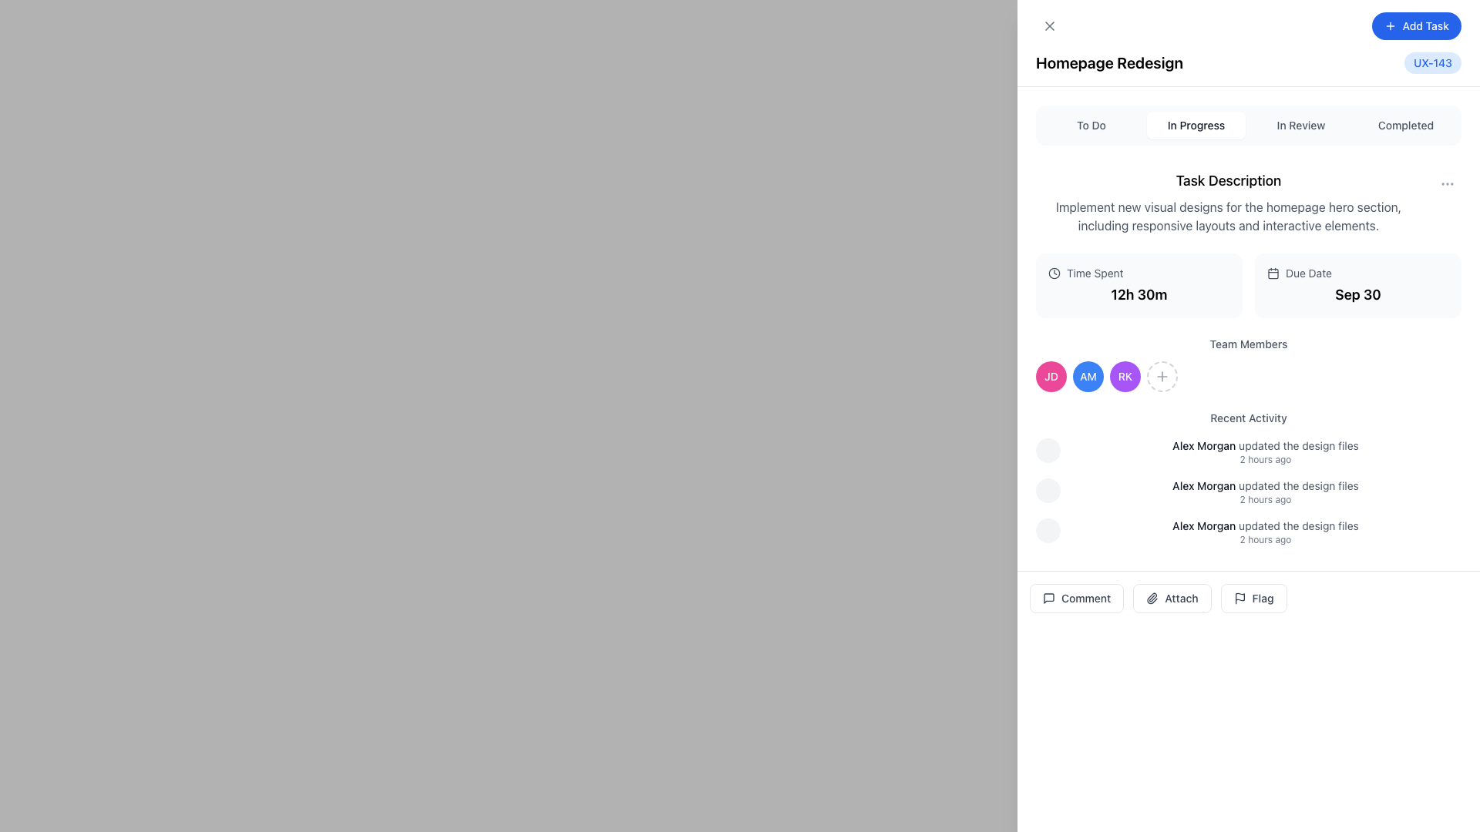  Describe the element at coordinates (1195, 124) in the screenshot. I see `the second button in the horizontal series of four buttons to switch to the 'In Progress' state` at that location.